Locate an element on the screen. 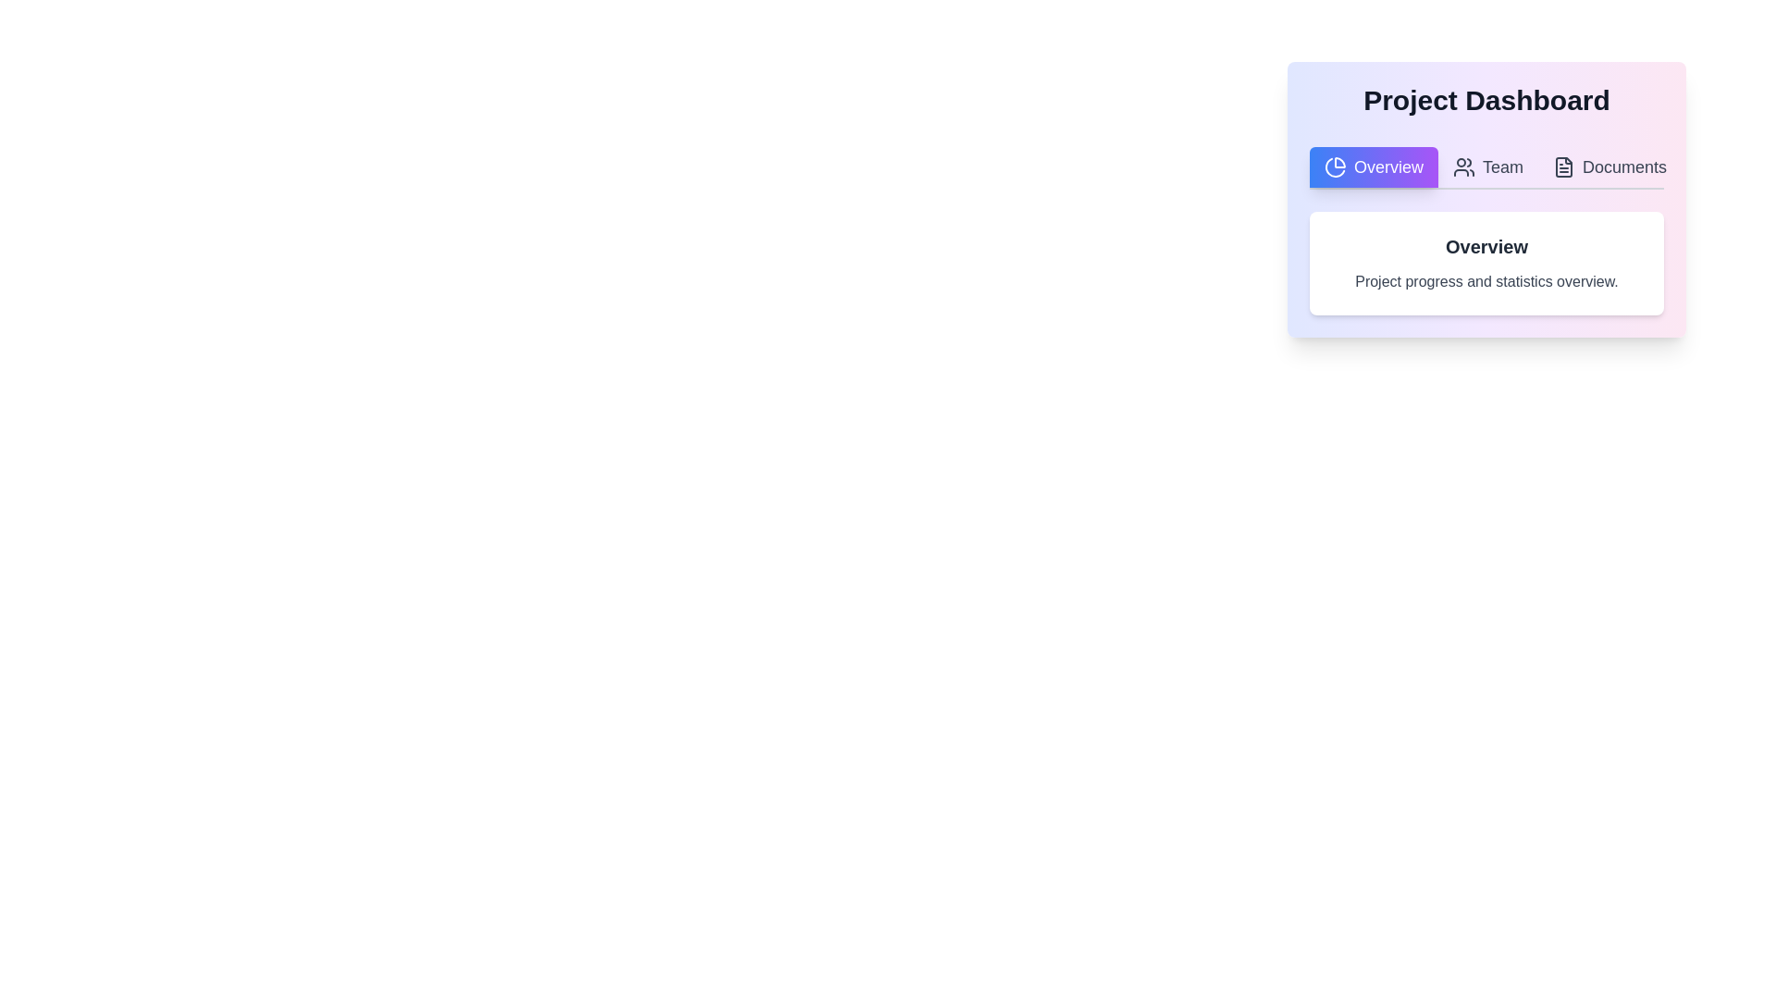  the Overview tab by clicking its corresponding button is located at coordinates (1374, 167).